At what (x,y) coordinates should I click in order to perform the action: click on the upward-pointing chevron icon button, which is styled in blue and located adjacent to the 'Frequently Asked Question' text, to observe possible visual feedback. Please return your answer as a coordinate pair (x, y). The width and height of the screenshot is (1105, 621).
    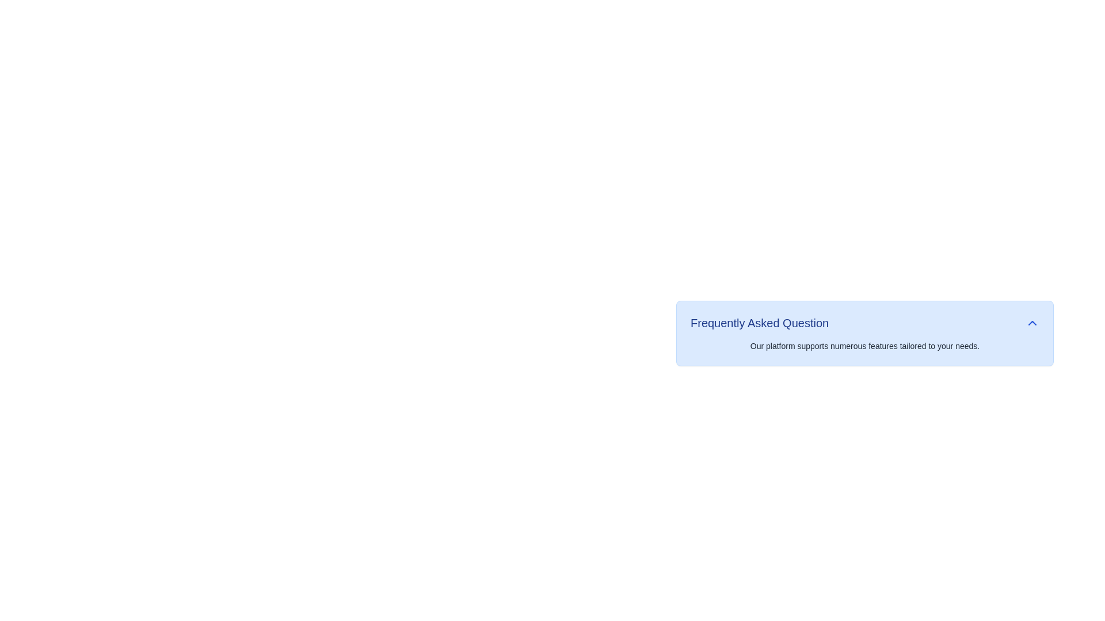
    Looking at the image, I should click on (1032, 323).